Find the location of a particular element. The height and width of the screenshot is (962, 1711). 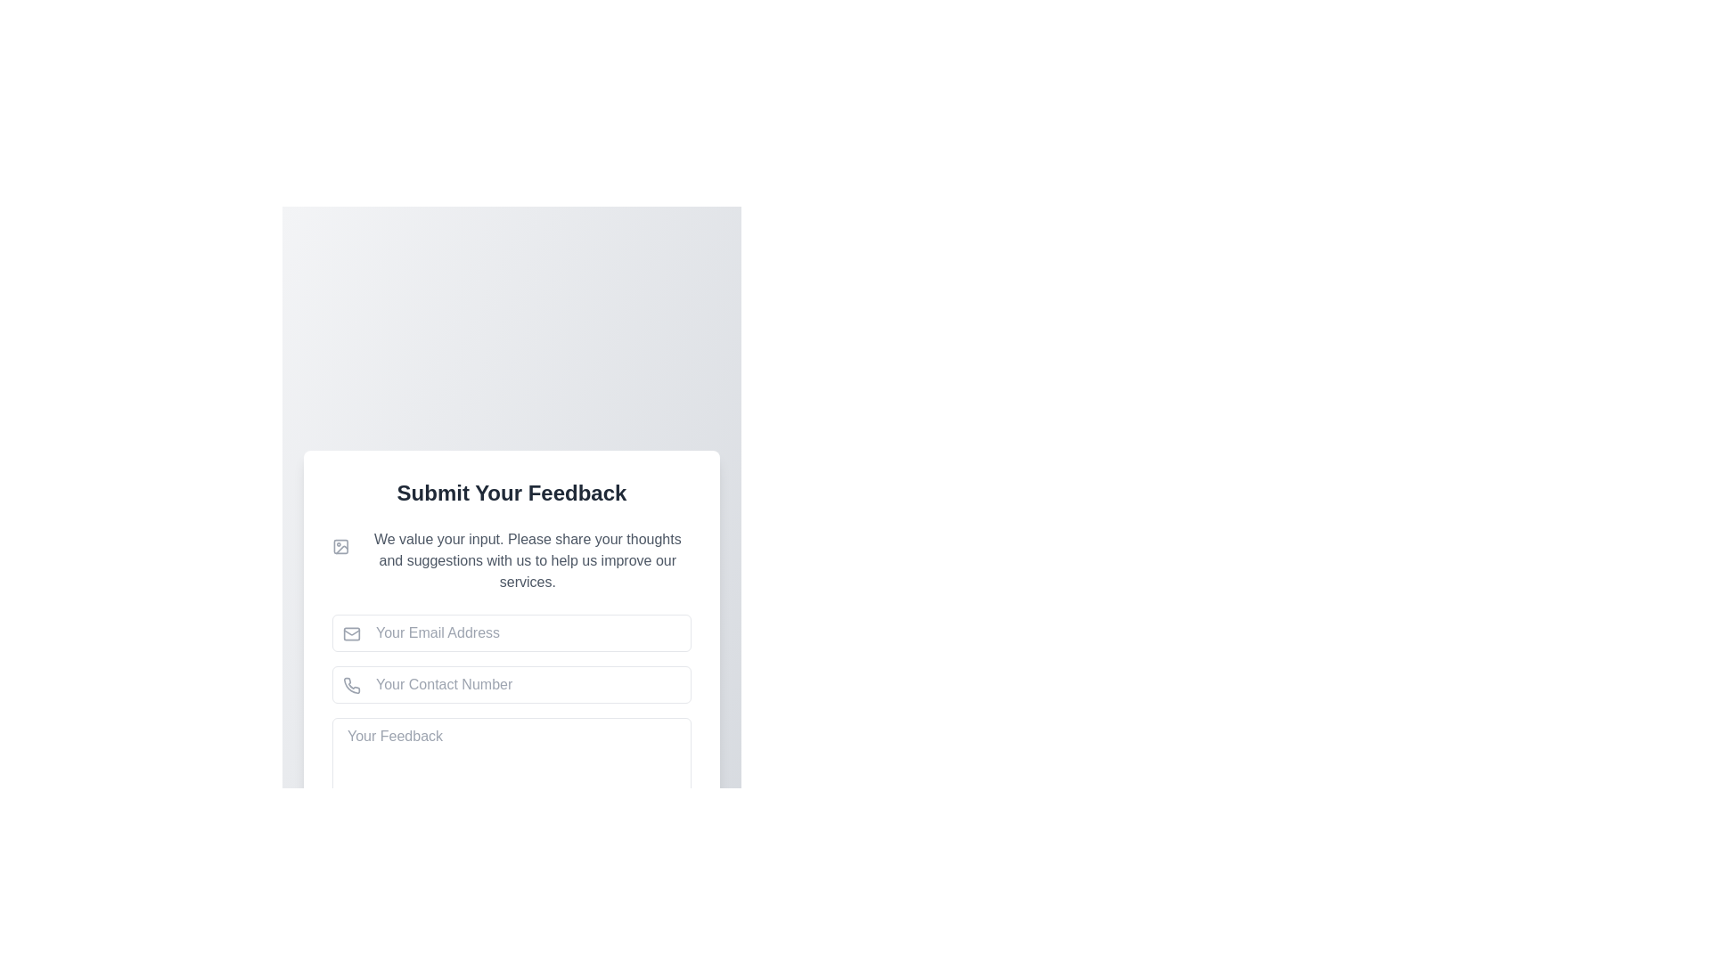

the decorative phone icon located on the left side of the 'Your Contact Number' input field, which is positioned between the 'Your Email Address' field and the 'Your Feedback' field is located at coordinates (351, 684).